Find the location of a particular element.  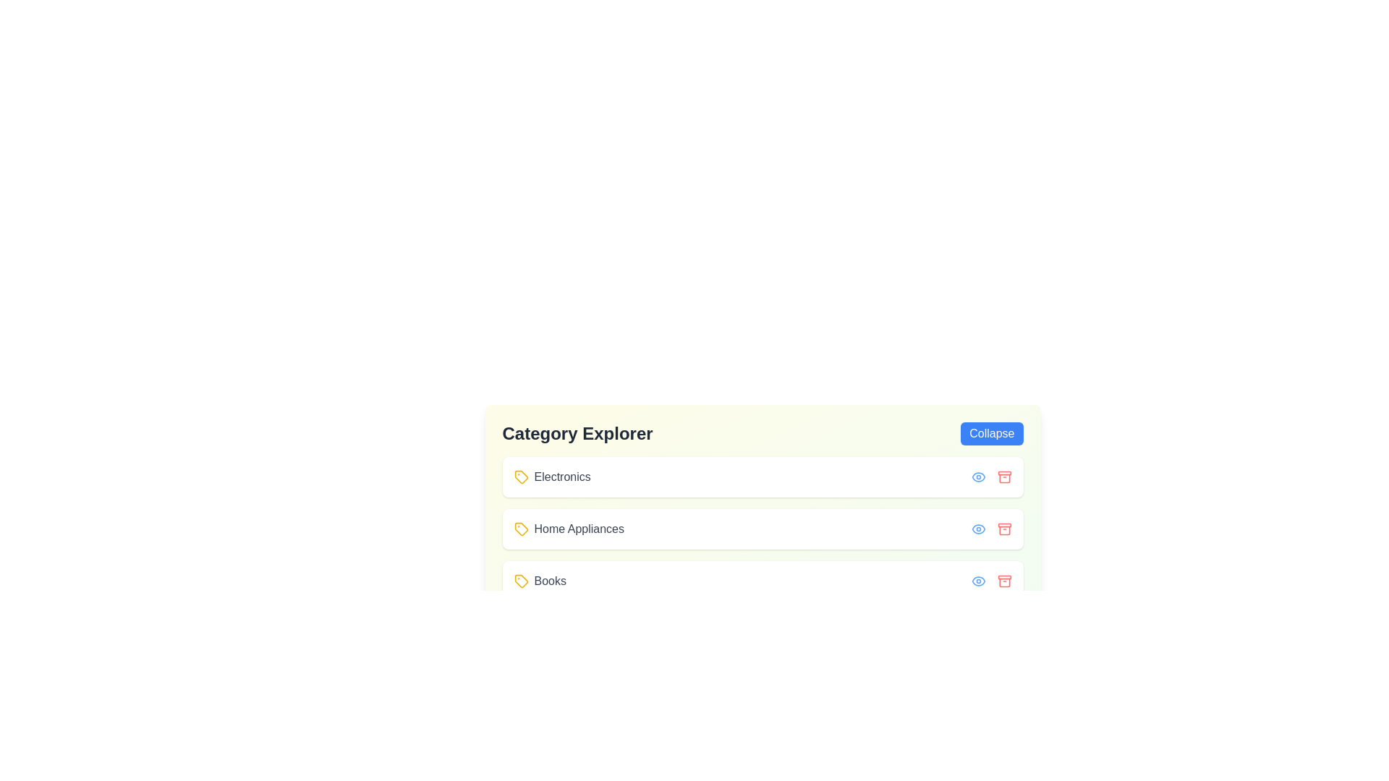

the button on the right side of the 'Category Explorer' section is located at coordinates (991, 433).